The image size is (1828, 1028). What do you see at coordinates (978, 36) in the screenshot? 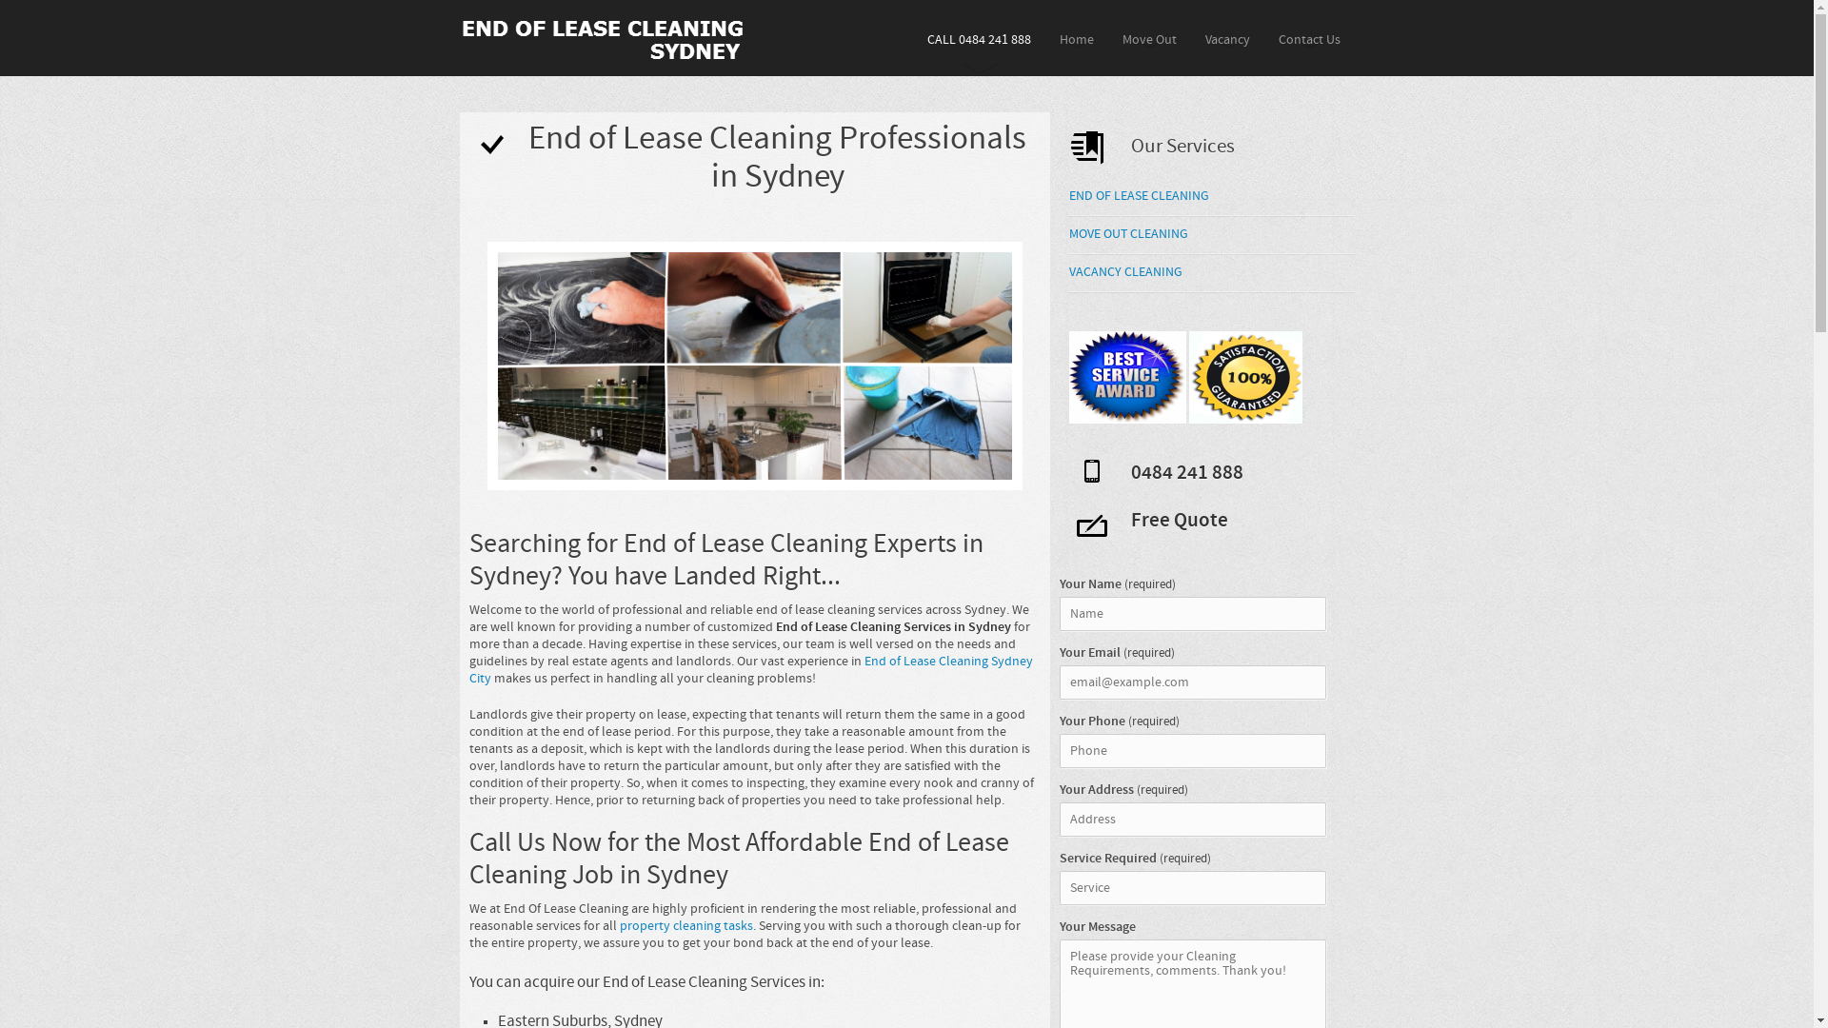
I see `'CALL 0484 241 888'` at bounding box center [978, 36].